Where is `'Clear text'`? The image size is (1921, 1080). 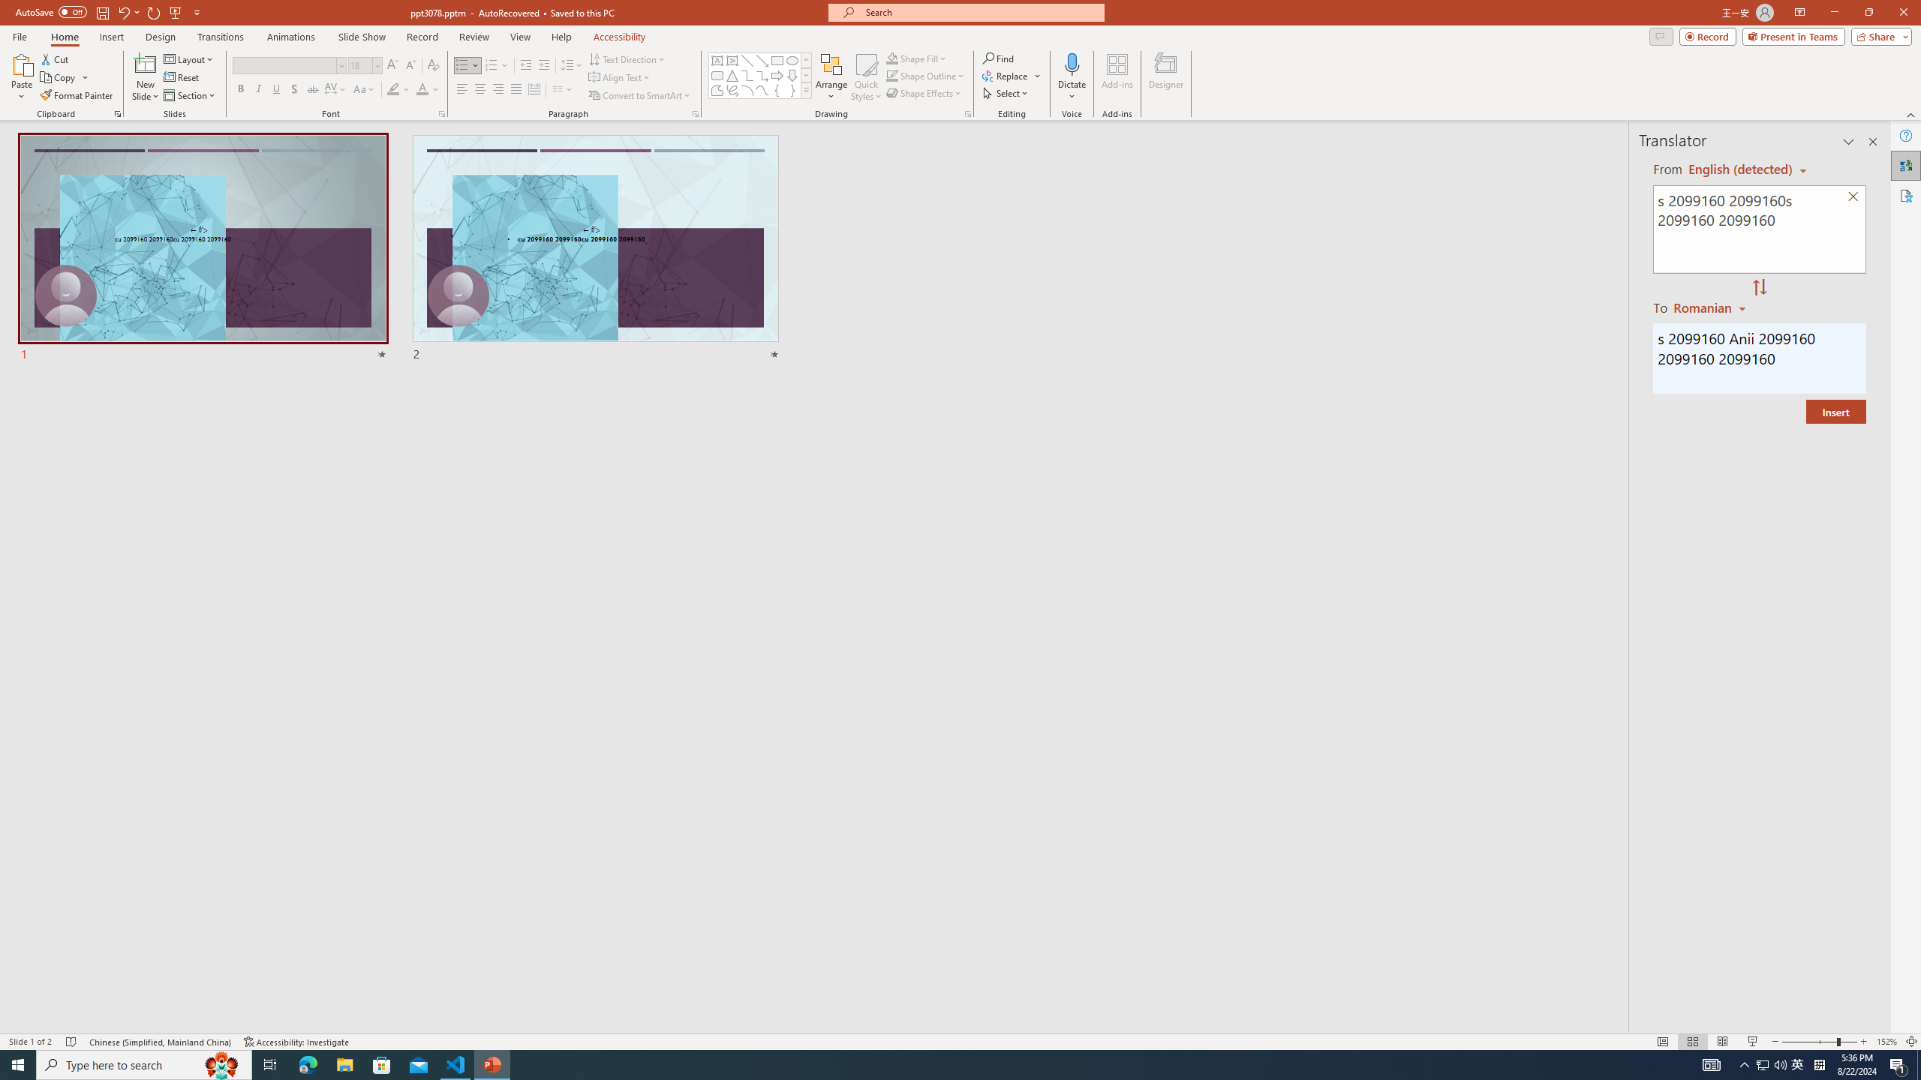 'Clear text' is located at coordinates (1853, 197).